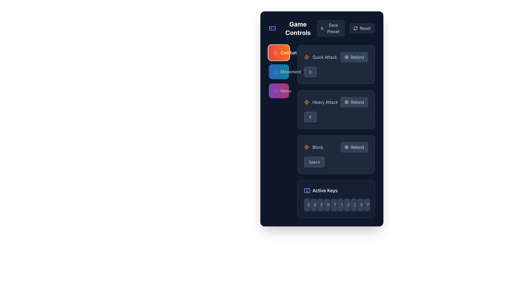 The image size is (508, 286). Describe the element at coordinates (307, 102) in the screenshot. I see `the 'Combat' icon located at the top left of the interface` at that location.